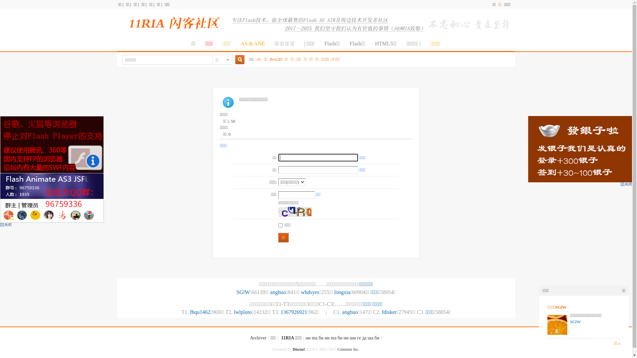 The height and width of the screenshot is (358, 637). Describe the element at coordinates (276, 59) in the screenshot. I see `'Box2D'` at that location.